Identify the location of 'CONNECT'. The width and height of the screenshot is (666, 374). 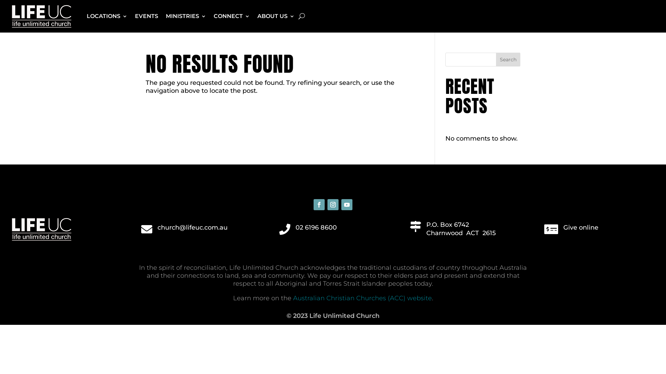
(213, 16).